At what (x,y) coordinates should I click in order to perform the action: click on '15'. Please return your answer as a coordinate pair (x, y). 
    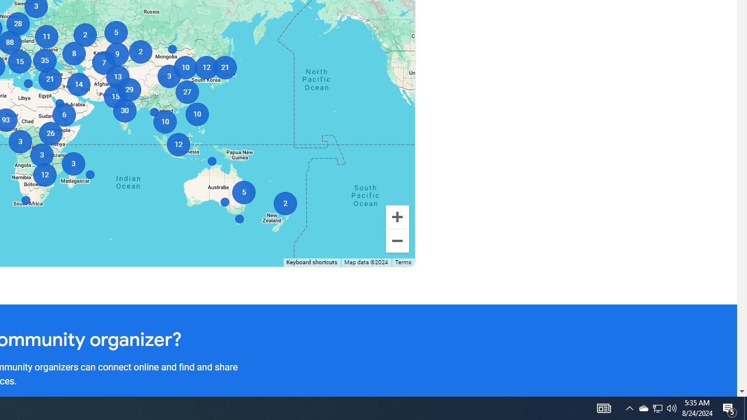
    Looking at the image, I should click on (19, 61).